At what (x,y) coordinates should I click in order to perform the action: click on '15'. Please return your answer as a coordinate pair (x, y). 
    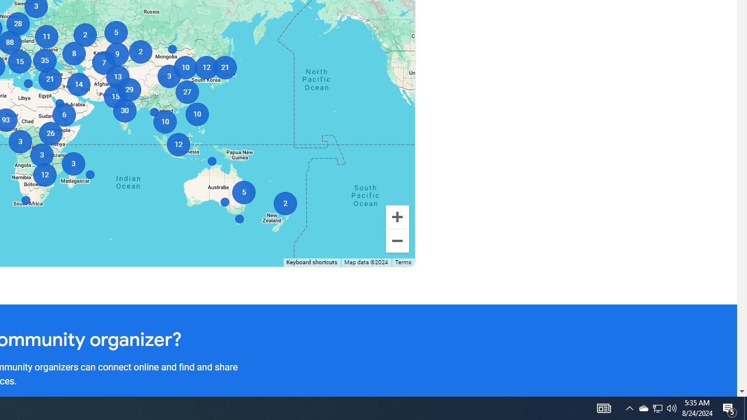
    Looking at the image, I should click on (19, 61).